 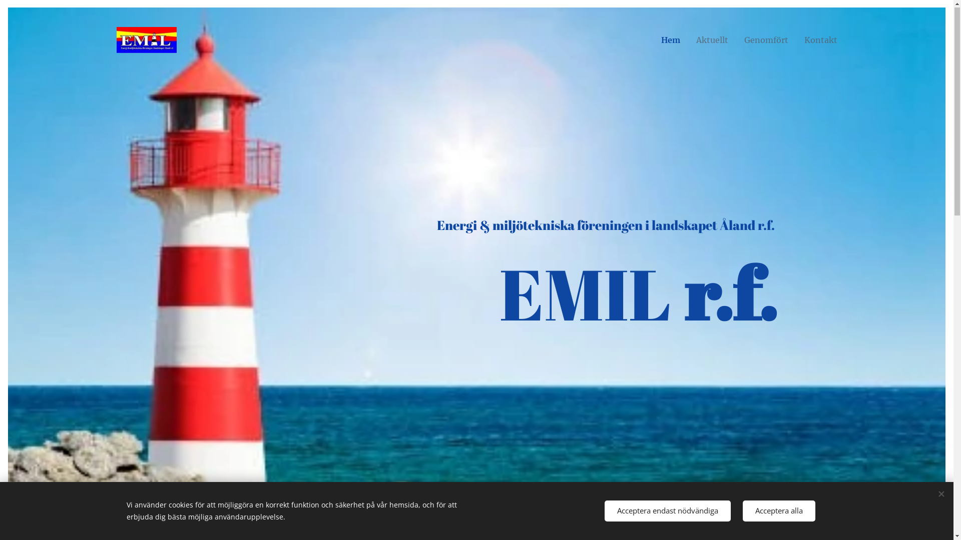 What do you see at coordinates (673, 40) in the screenshot?
I see `'Hem'` at bounding box center [673, 40].